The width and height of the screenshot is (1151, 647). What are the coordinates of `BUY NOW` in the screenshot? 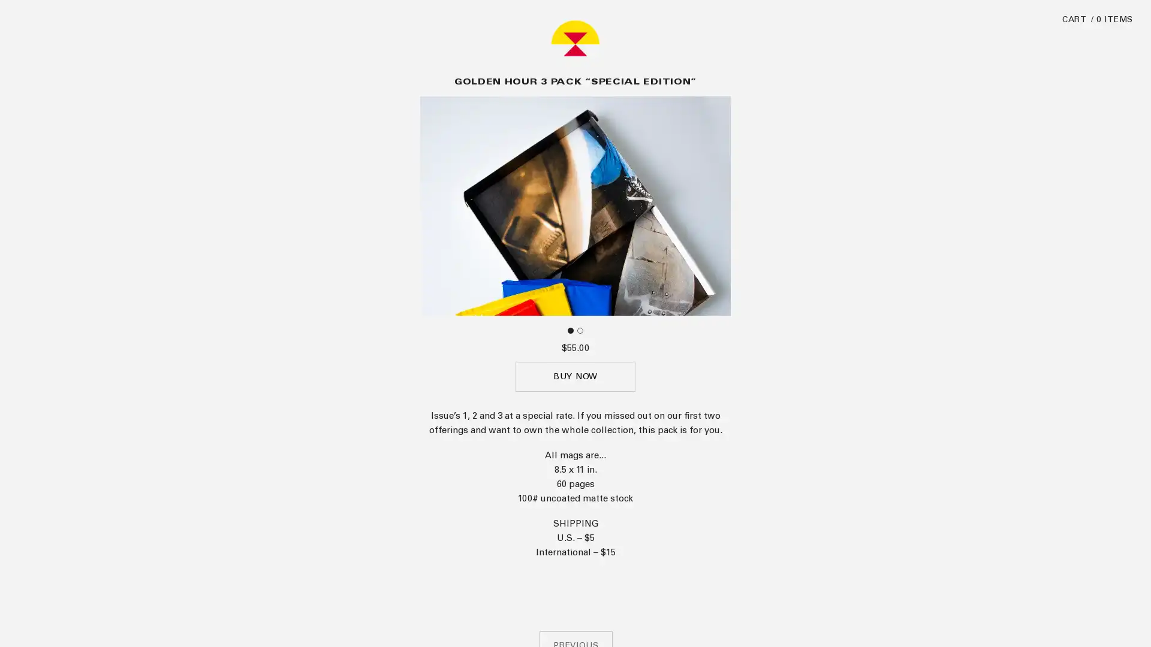 It's located at (575, 374).